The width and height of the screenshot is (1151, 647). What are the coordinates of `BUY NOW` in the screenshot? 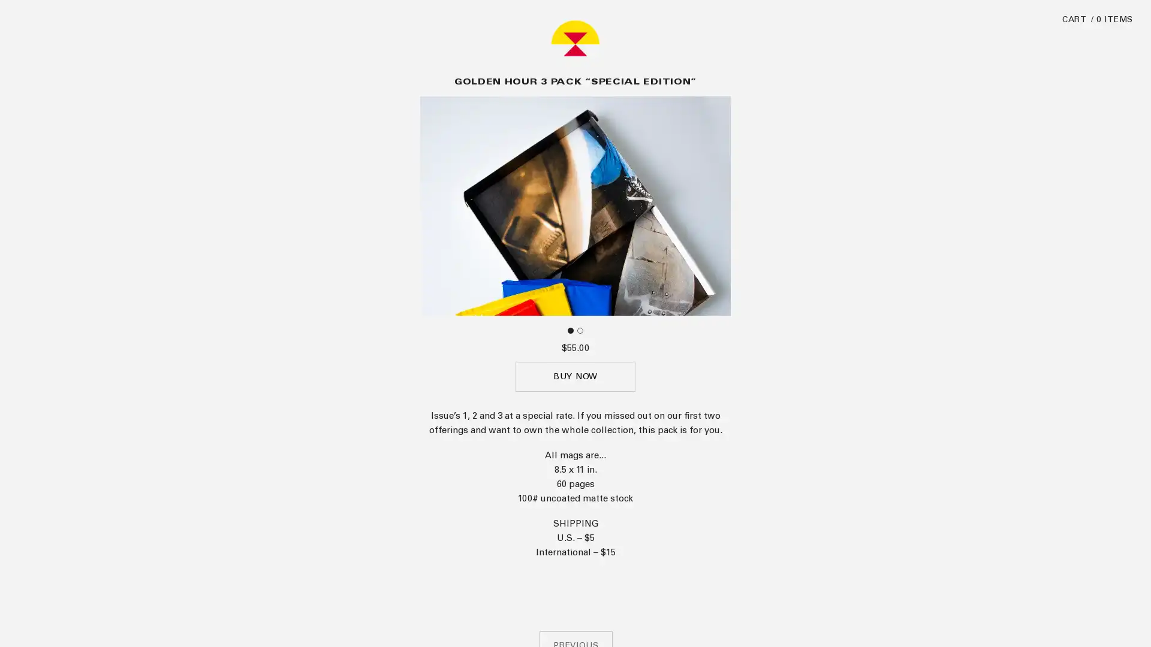 It's located at (575, 374).